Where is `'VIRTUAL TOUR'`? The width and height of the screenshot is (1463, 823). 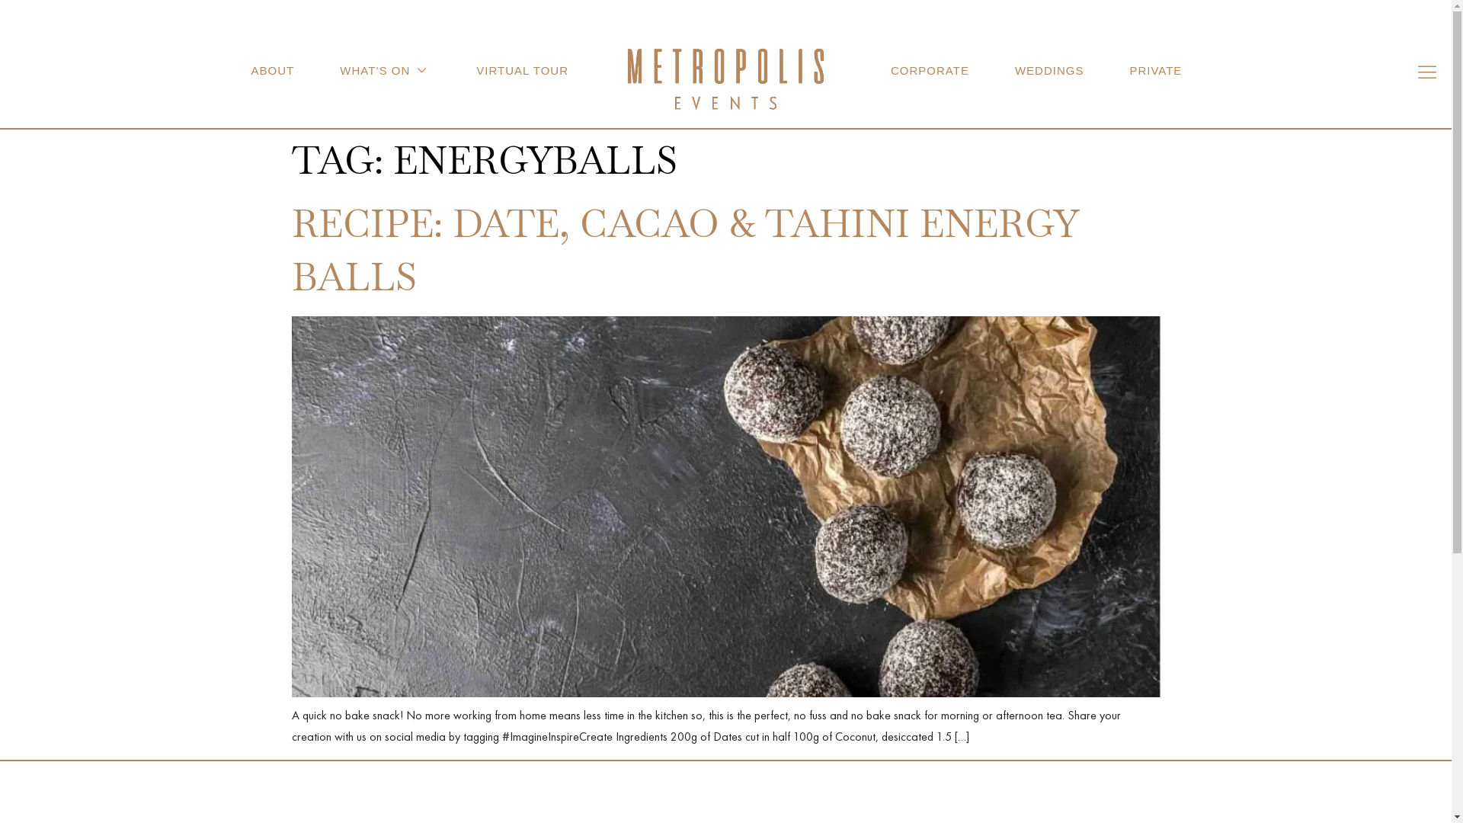
'VIRTUAL TOUR' is located at coordinates (453, 71).